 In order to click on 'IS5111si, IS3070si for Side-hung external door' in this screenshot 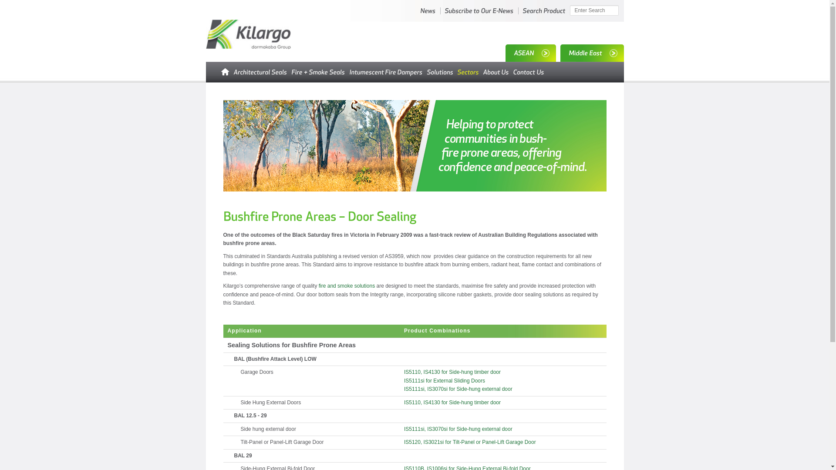, I will do `click(458, 389)`.